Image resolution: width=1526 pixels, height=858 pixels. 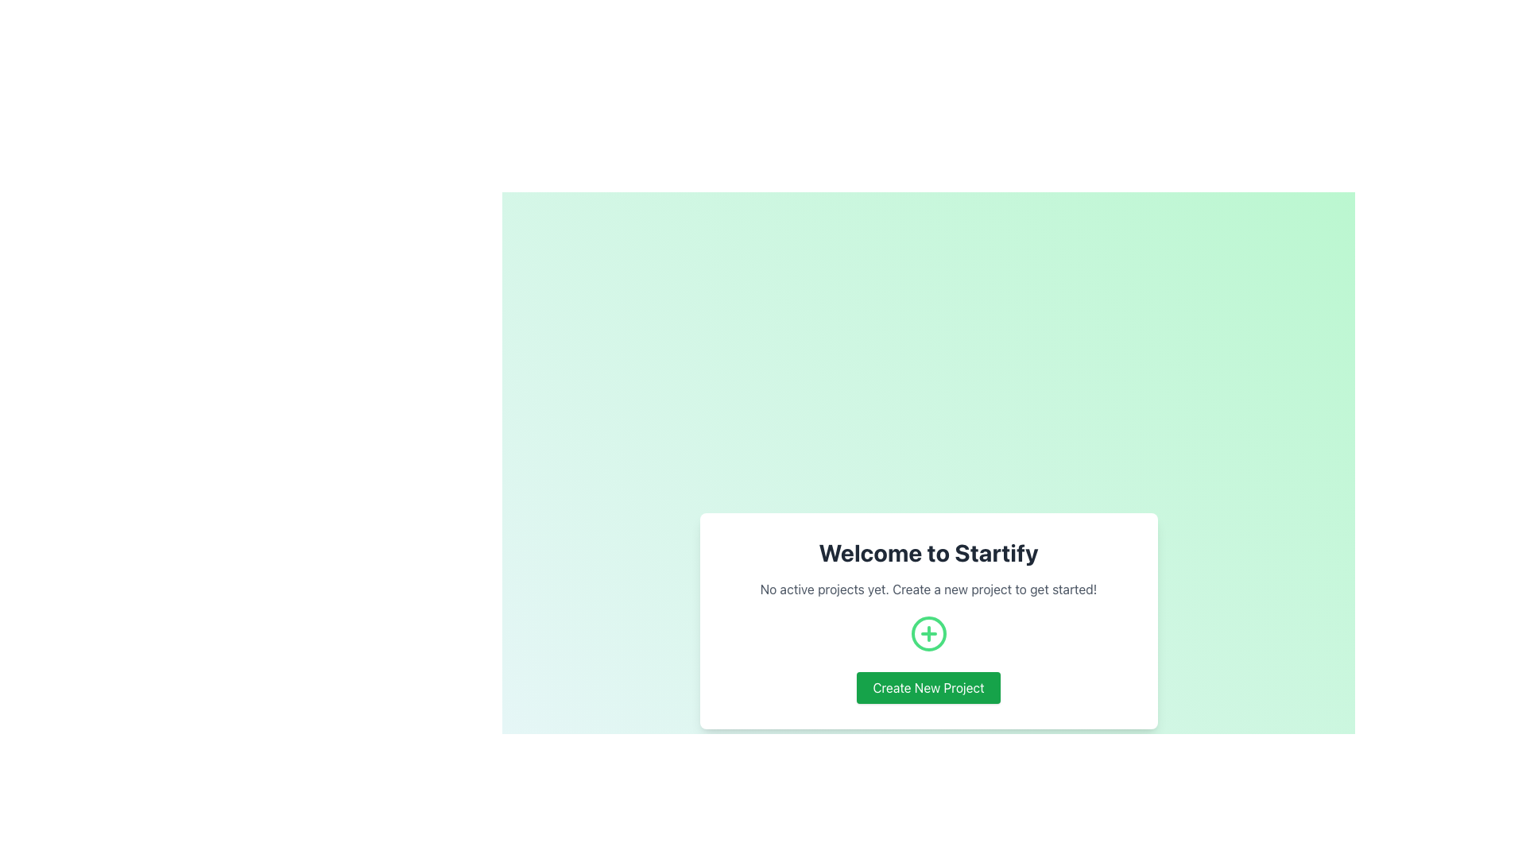 What do you see at coordinates (928, 589) in the screenshot?
I see `the static text element displaying the message 'No active projects yet. Create a new project to get started!' which is located beneath the header 'Welcome to Startify'` at bounding box center [928, 589].